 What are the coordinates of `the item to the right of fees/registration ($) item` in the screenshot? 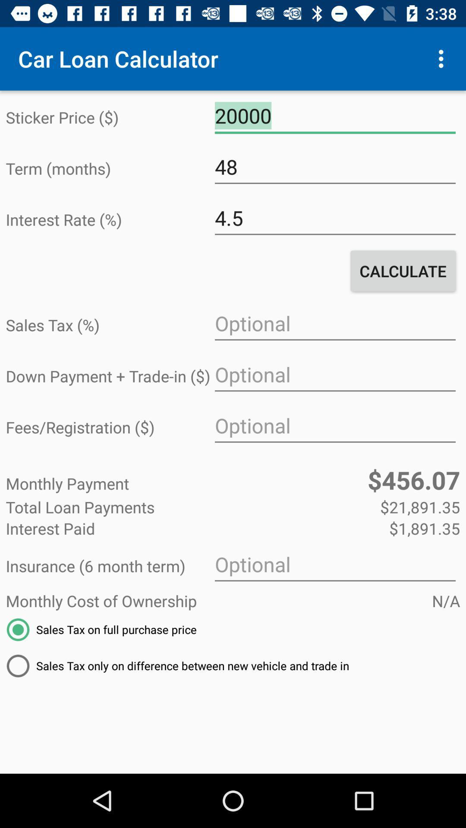 It's located at (334, 426).